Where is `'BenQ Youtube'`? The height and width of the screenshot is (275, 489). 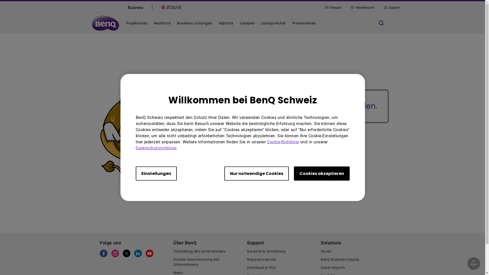
'BenQ Youtube' is located at coordinates (149, 254).